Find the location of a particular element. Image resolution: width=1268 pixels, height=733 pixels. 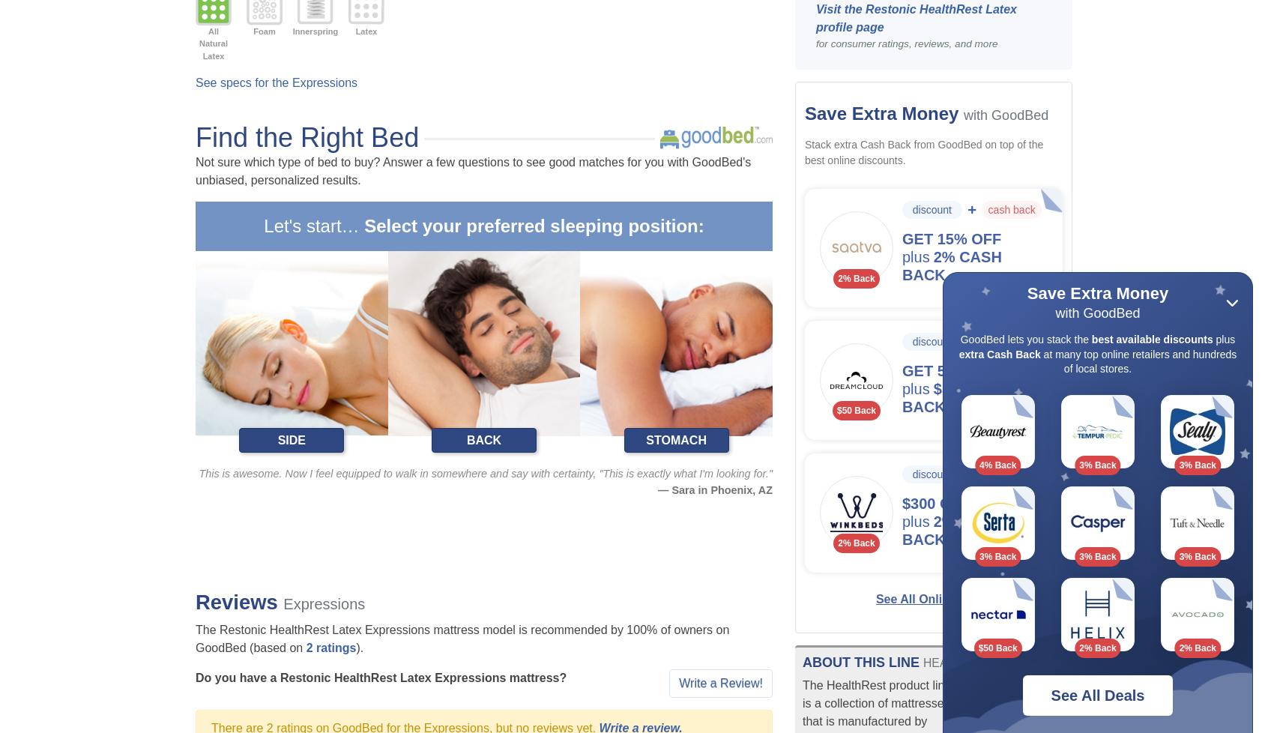

'2' is located at coordinates (309, 647).